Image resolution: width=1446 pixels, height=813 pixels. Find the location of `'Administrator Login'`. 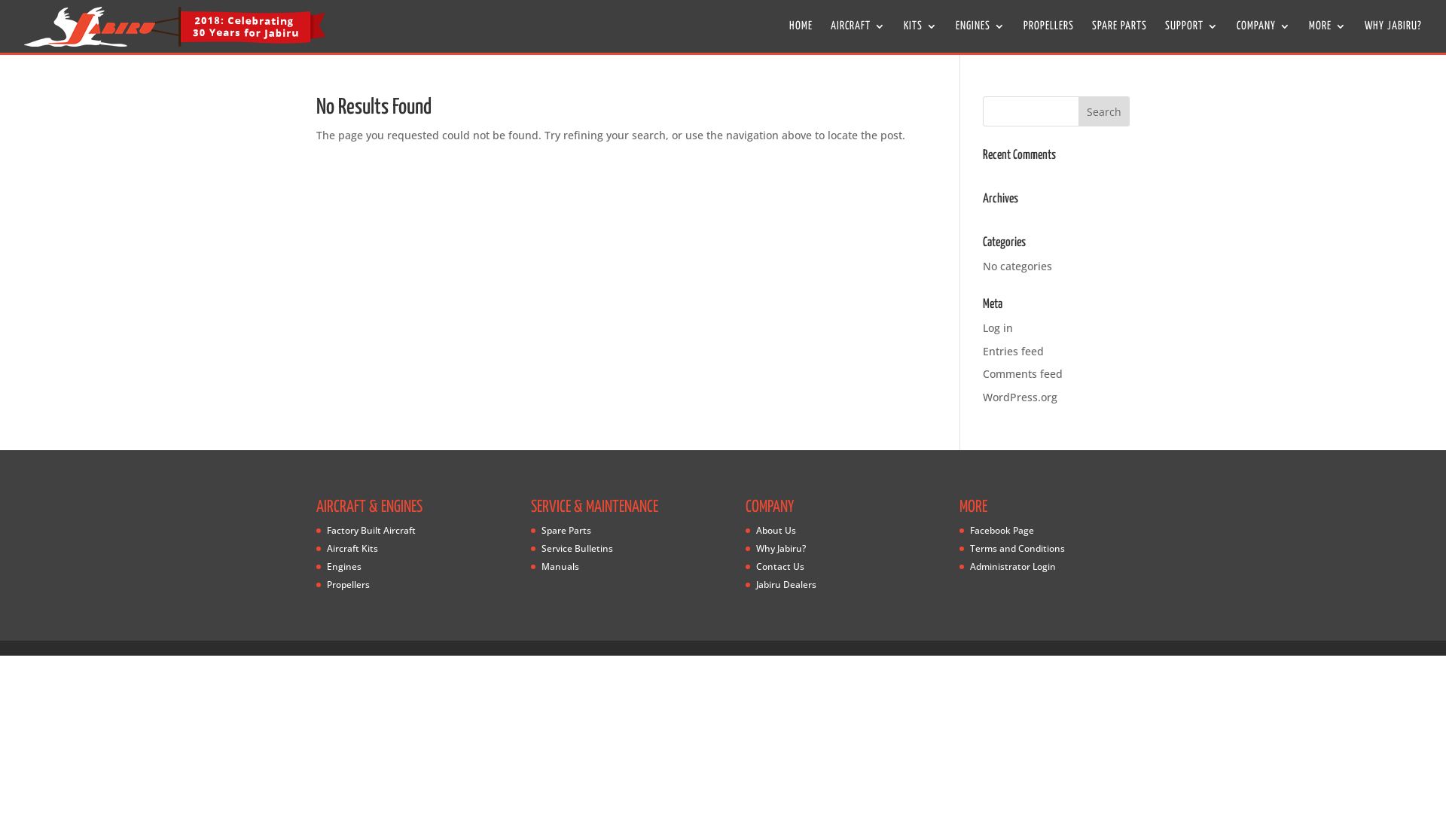

'Administrator Login' is located at coordinates (1012, 566).